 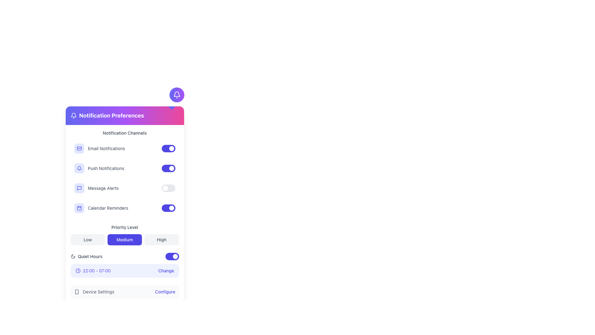 I want to click on the 'Device Settings' text label, which is styled in a small-sized gray font and positioned alongside a smartphone icon, so click(x=98, y=292).